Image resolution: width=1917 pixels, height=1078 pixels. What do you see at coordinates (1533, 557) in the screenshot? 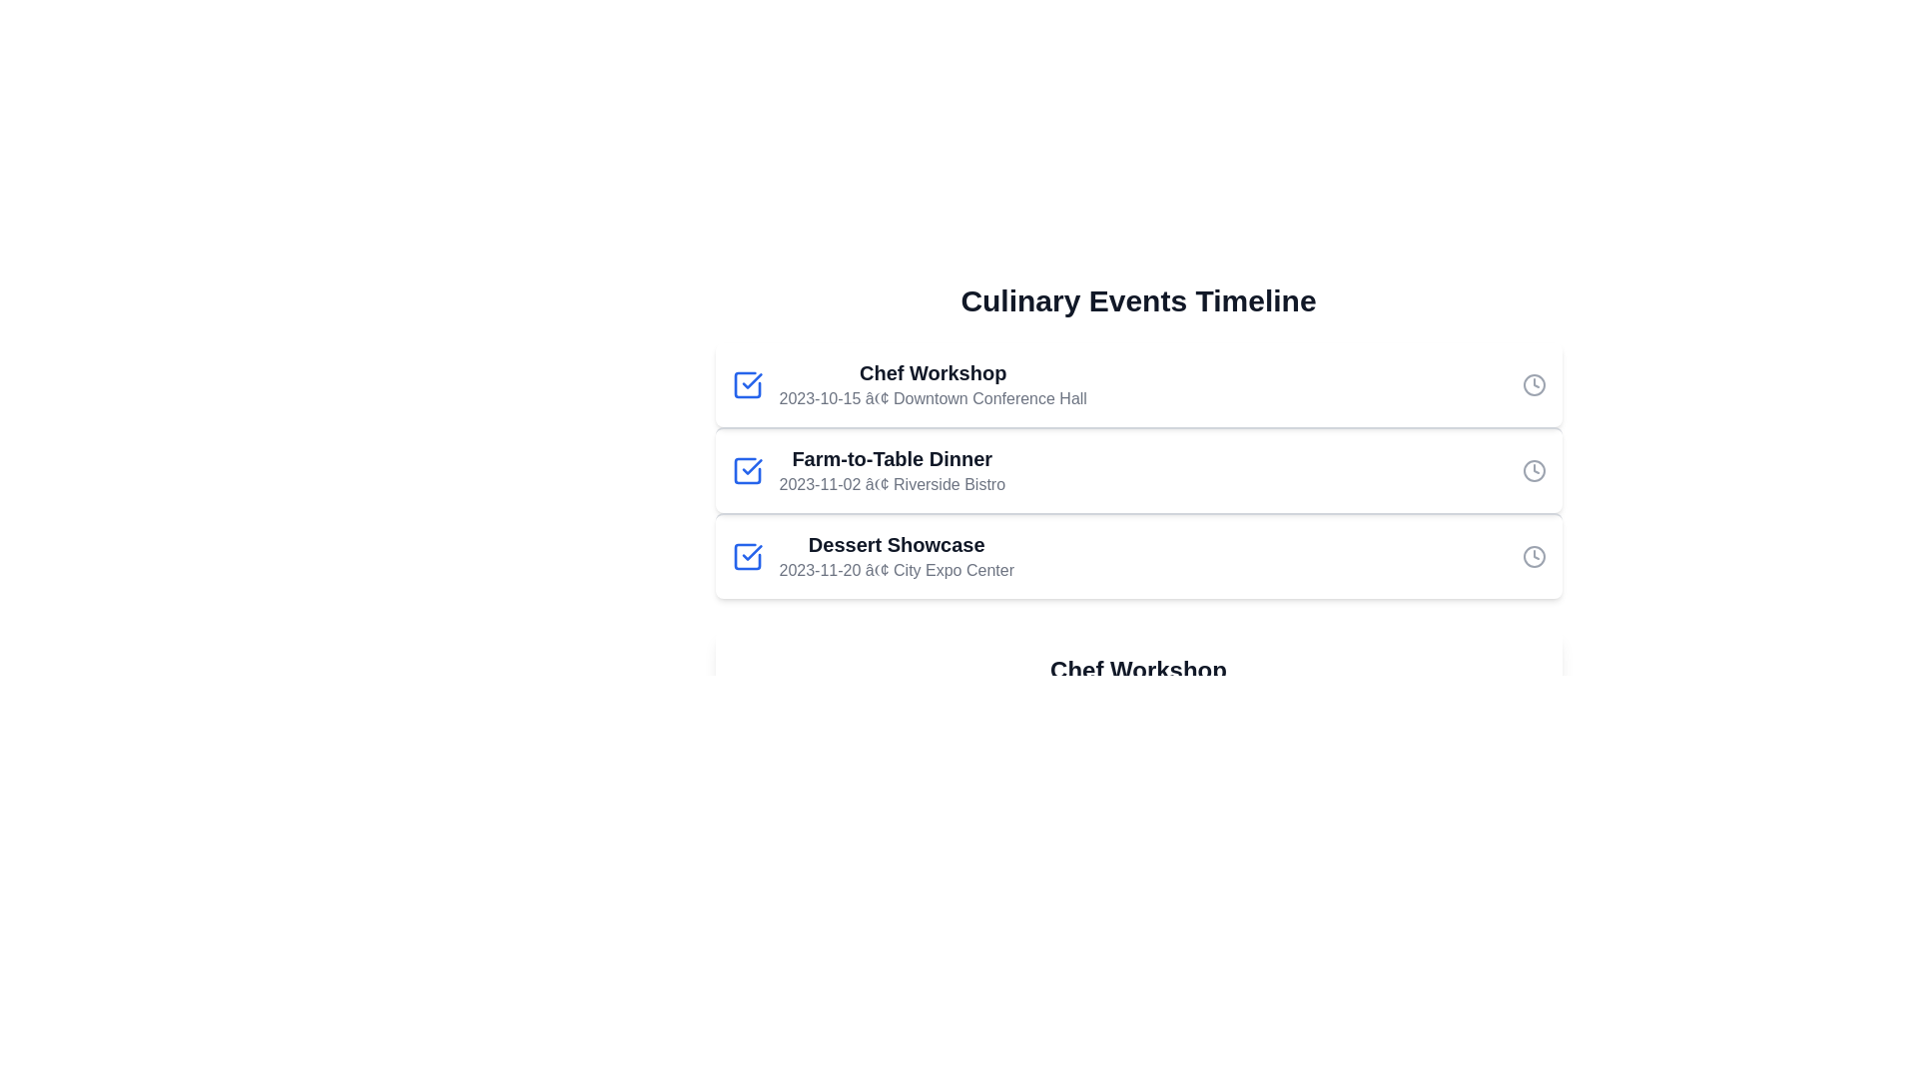
I see `the clock-shaped icon with a gray color located at the far right of the 'Dessert Showcase' event row` at bounding box center [1533, 557].